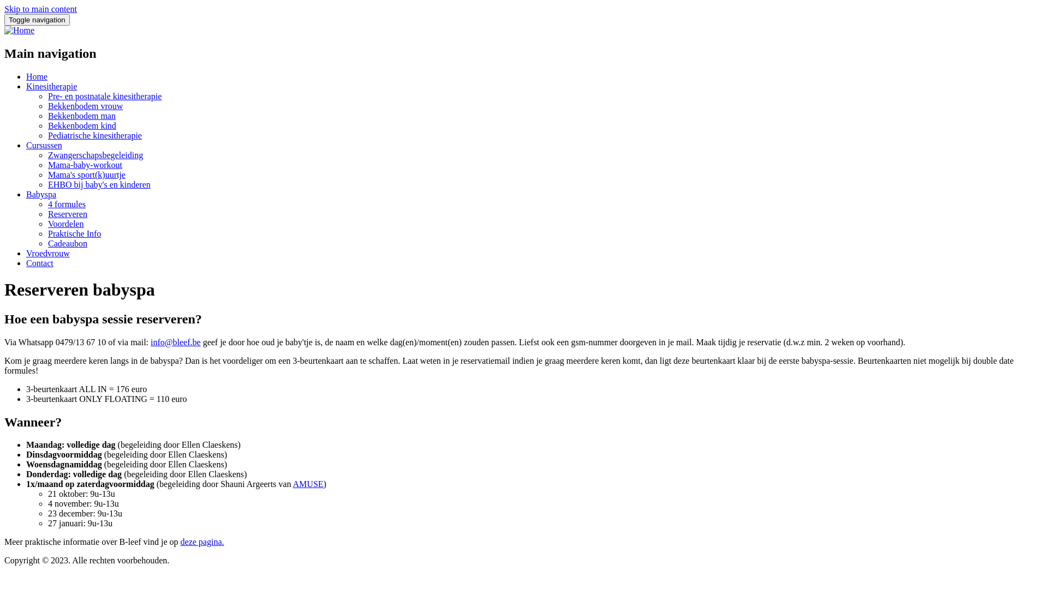  What do you see at coordinates (81, 125) in the screenshot?
I see `'Bekkenbodem kind'` at bounding box center [81, 125].